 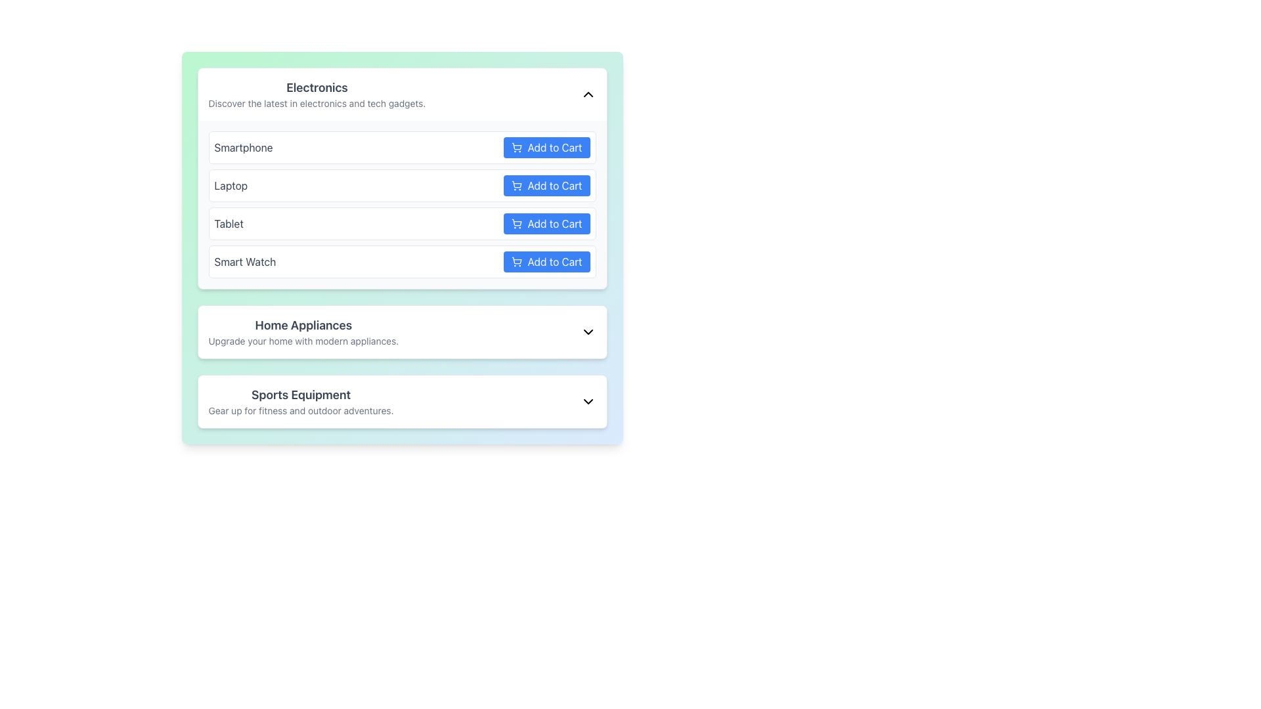 I want to click on the shopping cart icon which is part of the 'Add to Cart' button for the 'Tablet' product in the 'Electronics' section, so click(x=516, y=222).